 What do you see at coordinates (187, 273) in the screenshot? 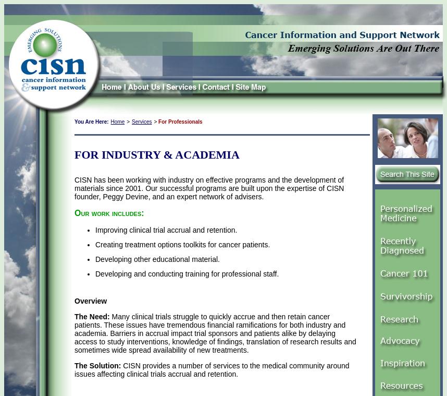
I see `'Developing and conducting training for professional staff.'` at bounding box center [187, 273].